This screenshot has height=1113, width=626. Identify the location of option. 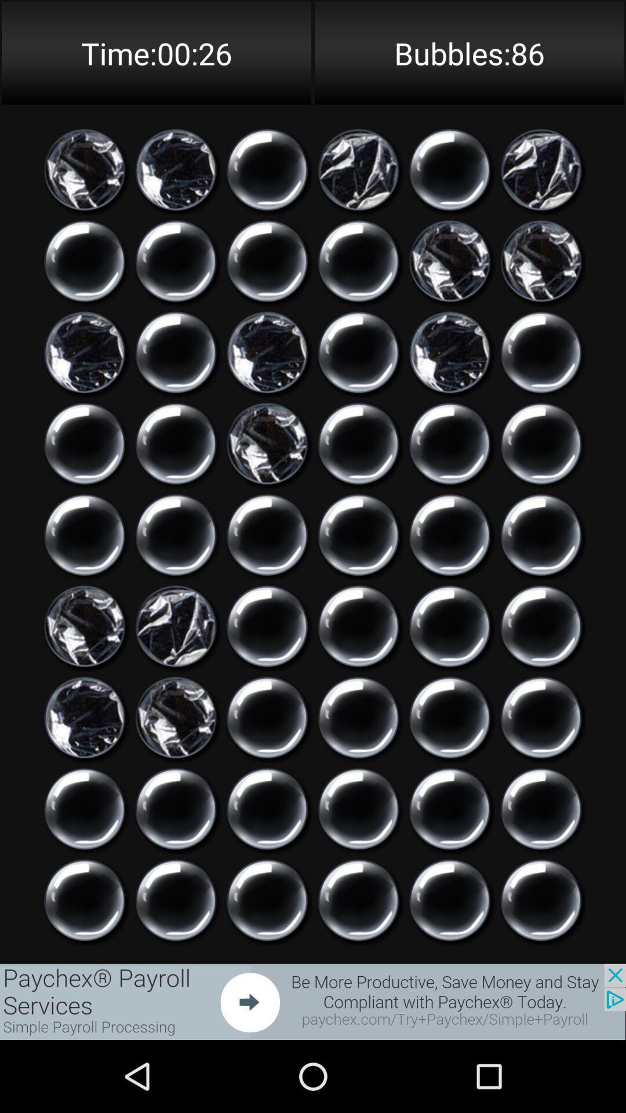
(449, 717).